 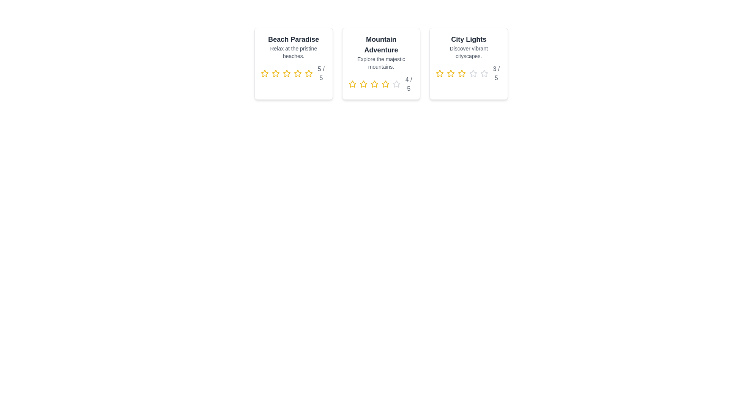 What do you see at coordinates (381, 45) in the screenshot?
I see `the destination name Mountain Adventure to view its details` at bounding box center [381, 45].